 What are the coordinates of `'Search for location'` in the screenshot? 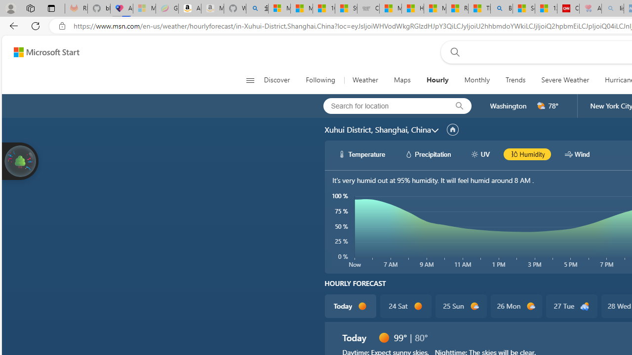 It's located at (382, 106).